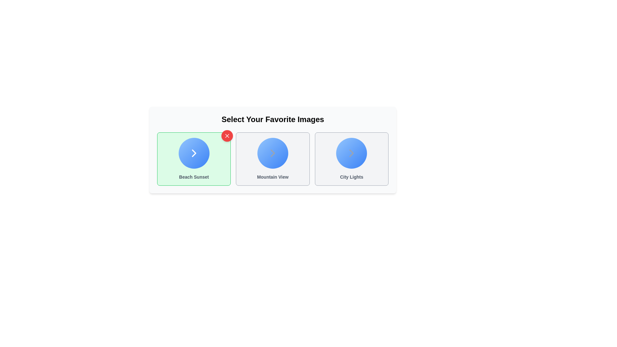 Image resolution: width=617 pixels, height=347 pixels. Describe the element at coordinates (273, 159) in the screenshot. I see `the image labeled Mountain View to toggle its selection` at that location.